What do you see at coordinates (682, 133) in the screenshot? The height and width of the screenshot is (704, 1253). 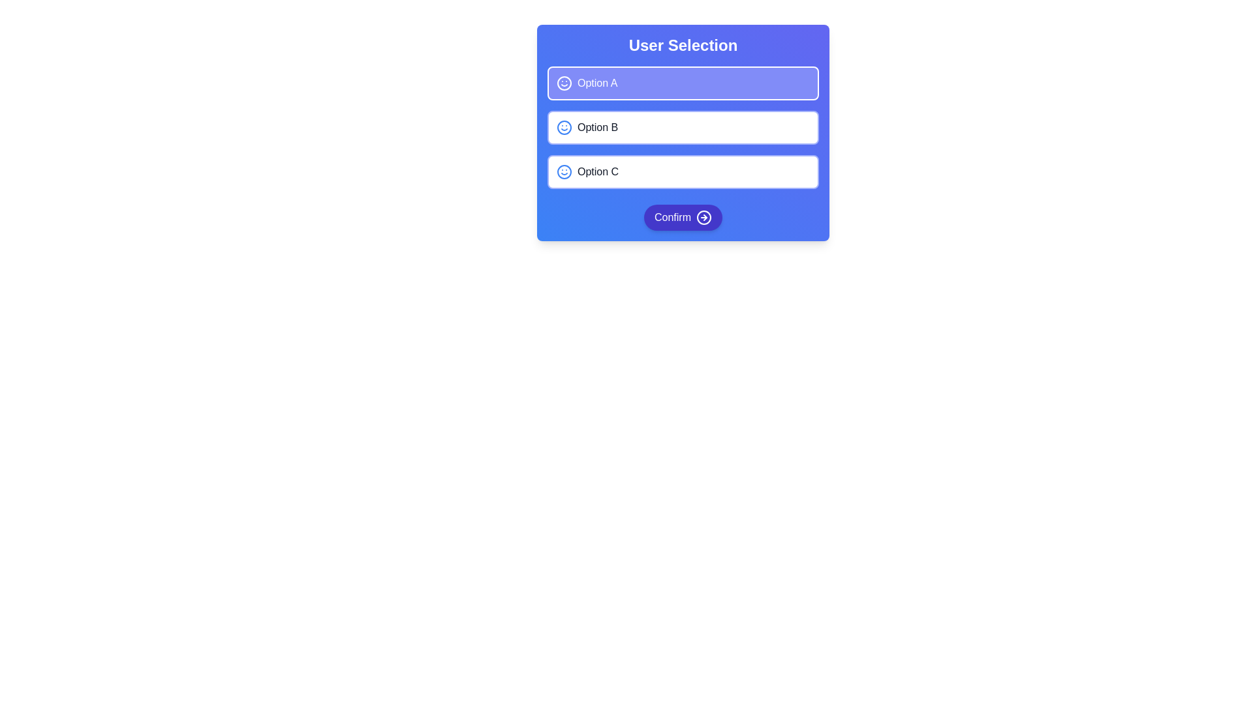 I see `the highlighted 'Option B' button within the Selectable component` at bounding box center [682, 133].